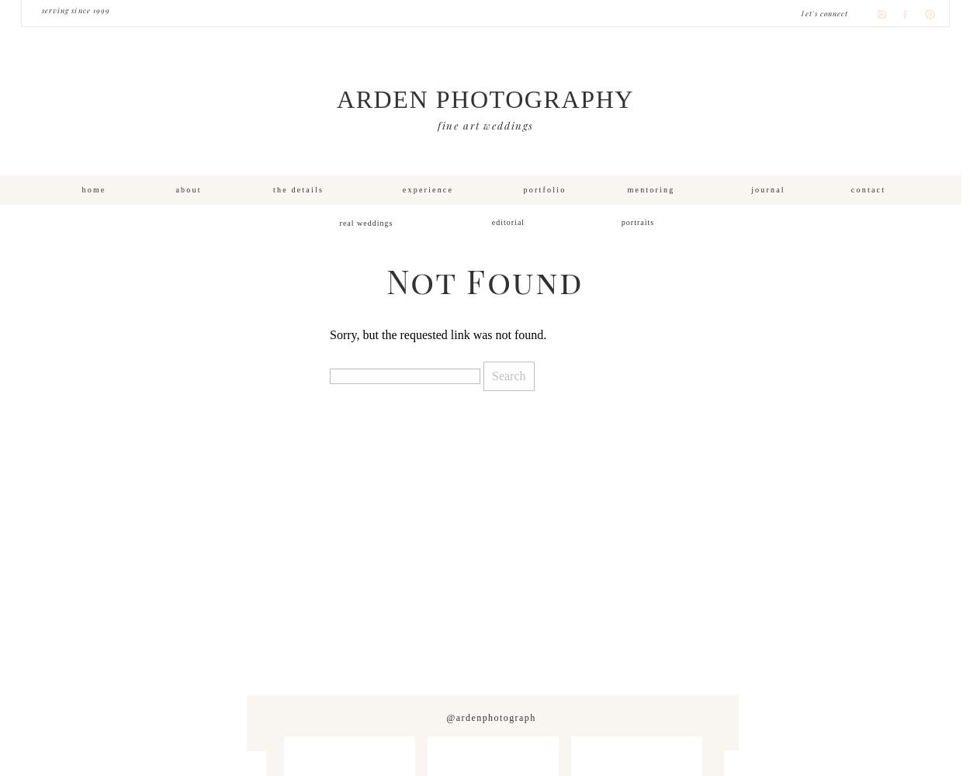 This screenshot has height=776, width=970. What do you see at coordinates (621, 222) in the screenshot?
I see `'portraits'` at bounding box center [621, 222].